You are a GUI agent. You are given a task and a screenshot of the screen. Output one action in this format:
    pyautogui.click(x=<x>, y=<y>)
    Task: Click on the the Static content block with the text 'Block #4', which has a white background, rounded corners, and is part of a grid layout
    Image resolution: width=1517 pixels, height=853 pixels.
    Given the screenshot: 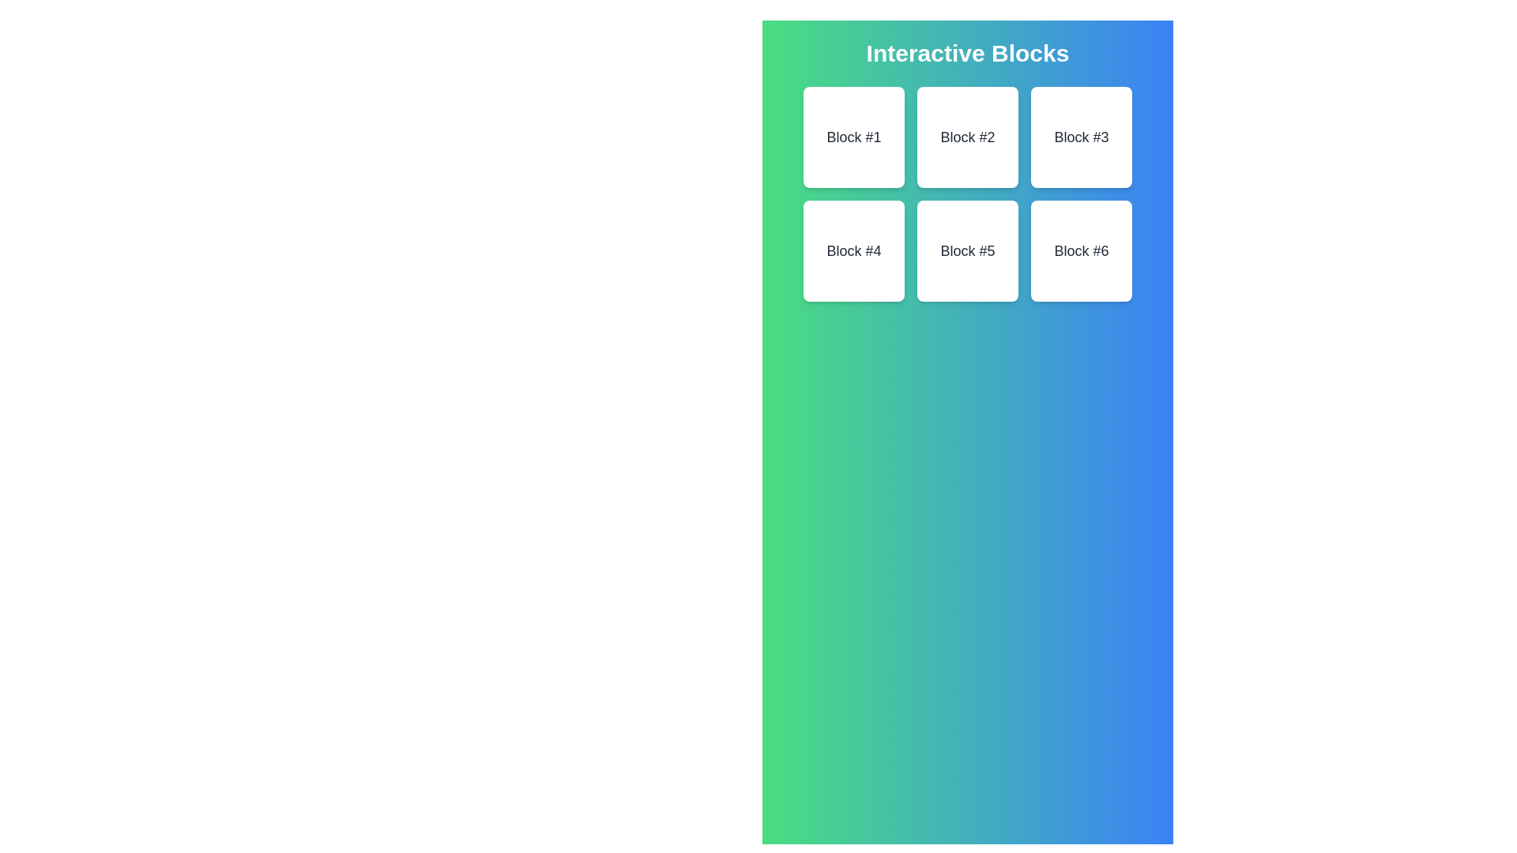 What is the action you would take?
    pyautogui.click(x=853, y=250)
    